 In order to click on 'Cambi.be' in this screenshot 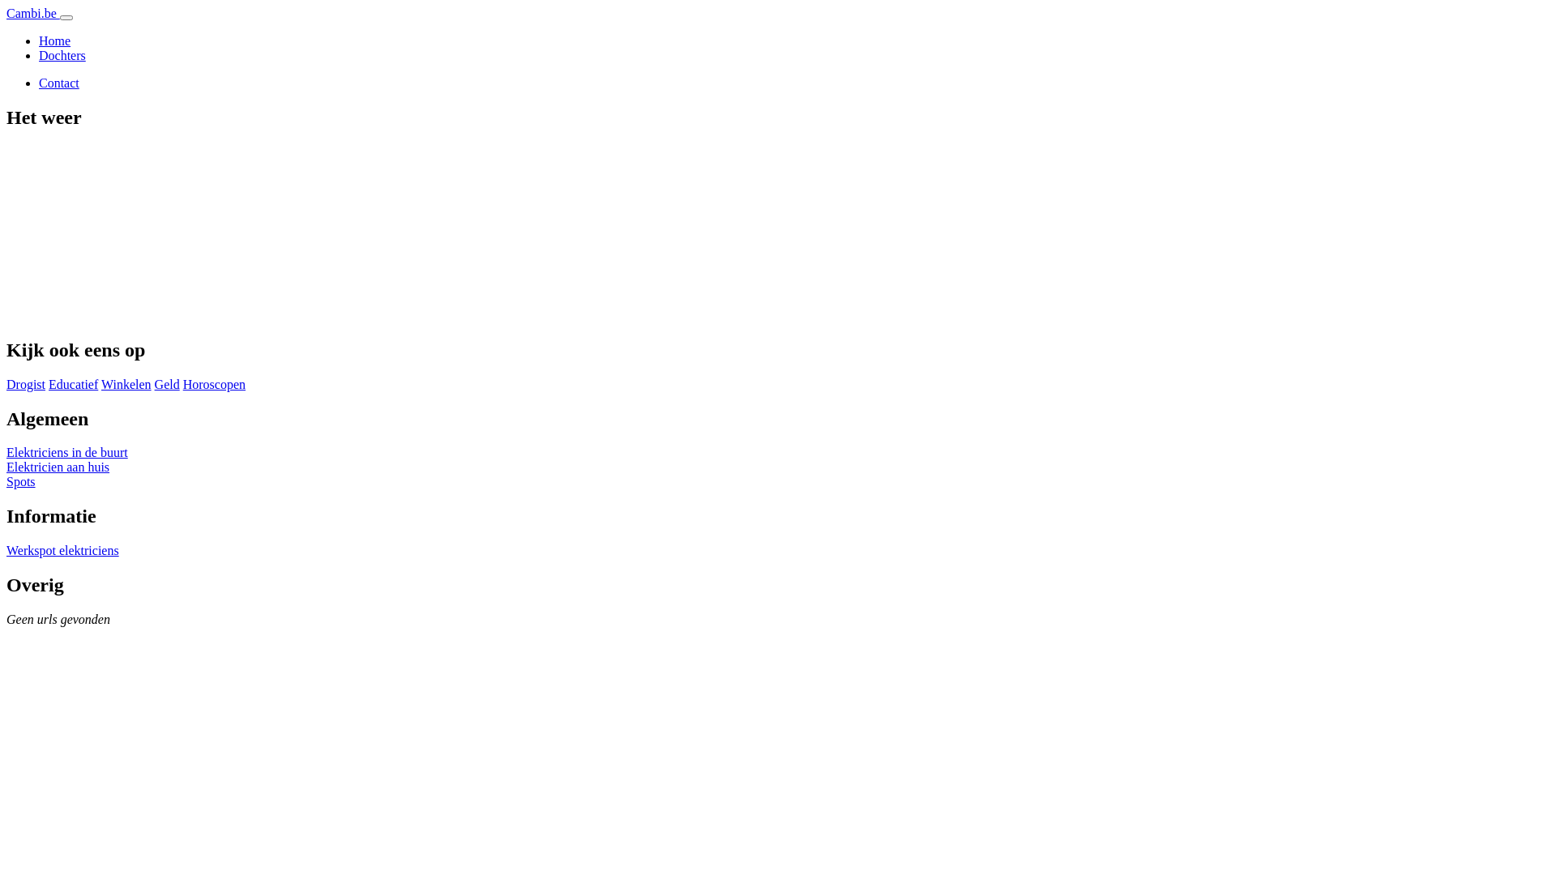, I will do `click(33, 13)`.